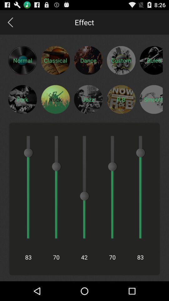  I want to click on make custom effect, so click(121, 60).